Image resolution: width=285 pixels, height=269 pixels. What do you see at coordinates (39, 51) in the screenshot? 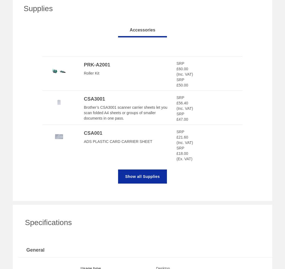
I see `'United Kingdom'` at bounding box center [39, 51].